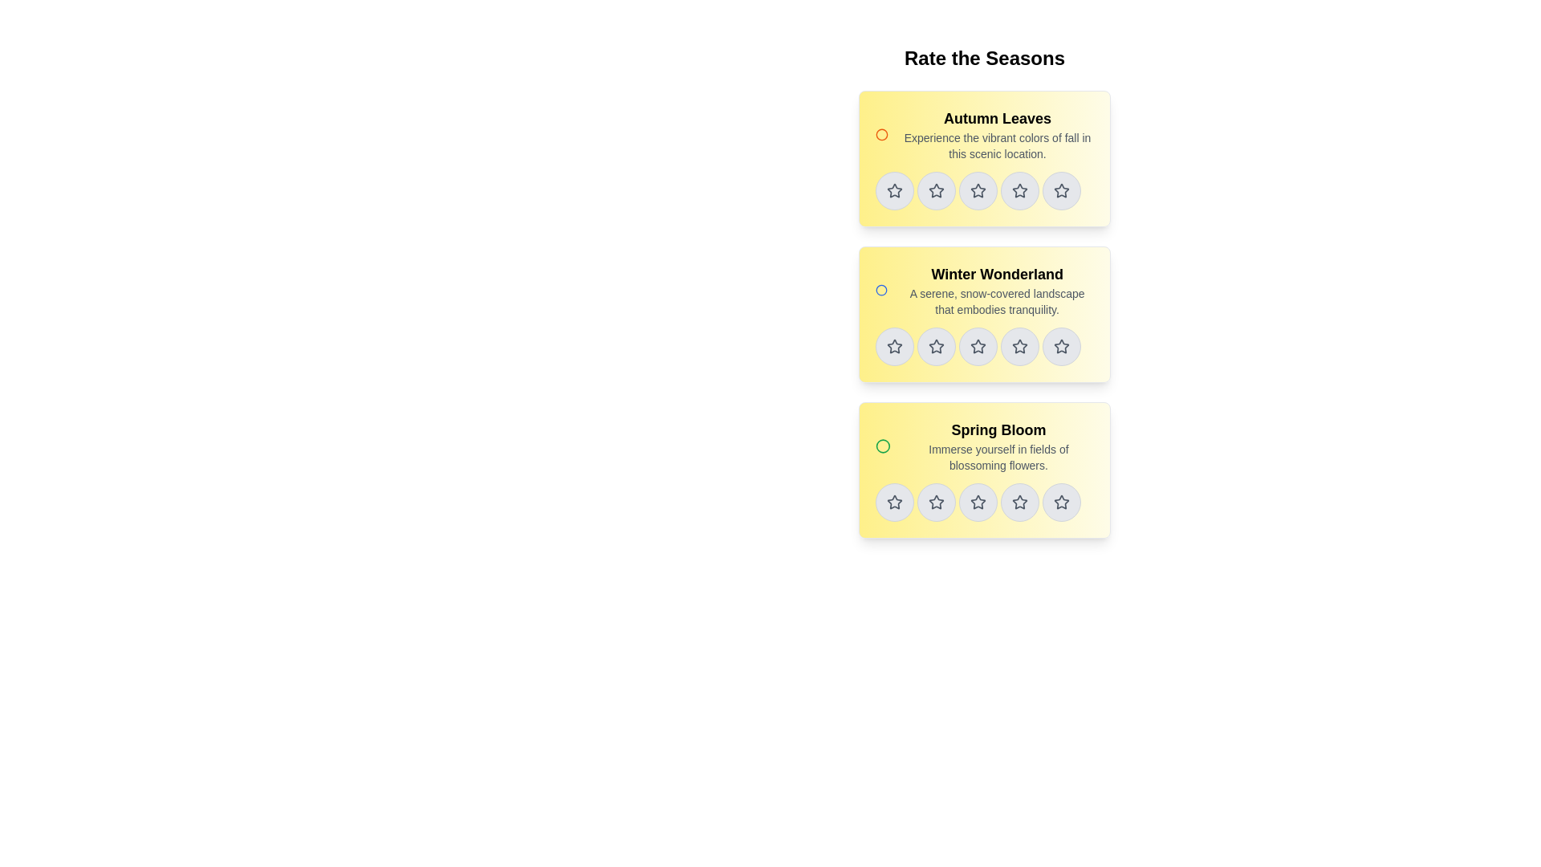  What do you see at coordinates (978, 501) in the screenshot?
I see `the star-shaped icon with a gray outline in the rating section of the 'Spring Bloom' card` at bounding box center [978, 501].